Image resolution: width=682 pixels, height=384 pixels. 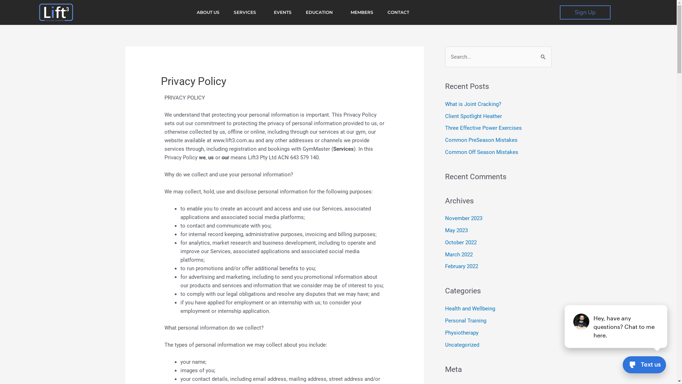 What do you see at coordinates (444, 127) in the screenshot?
I see `'Three Effective Power Exercises'` at bounding box center [444, 127].